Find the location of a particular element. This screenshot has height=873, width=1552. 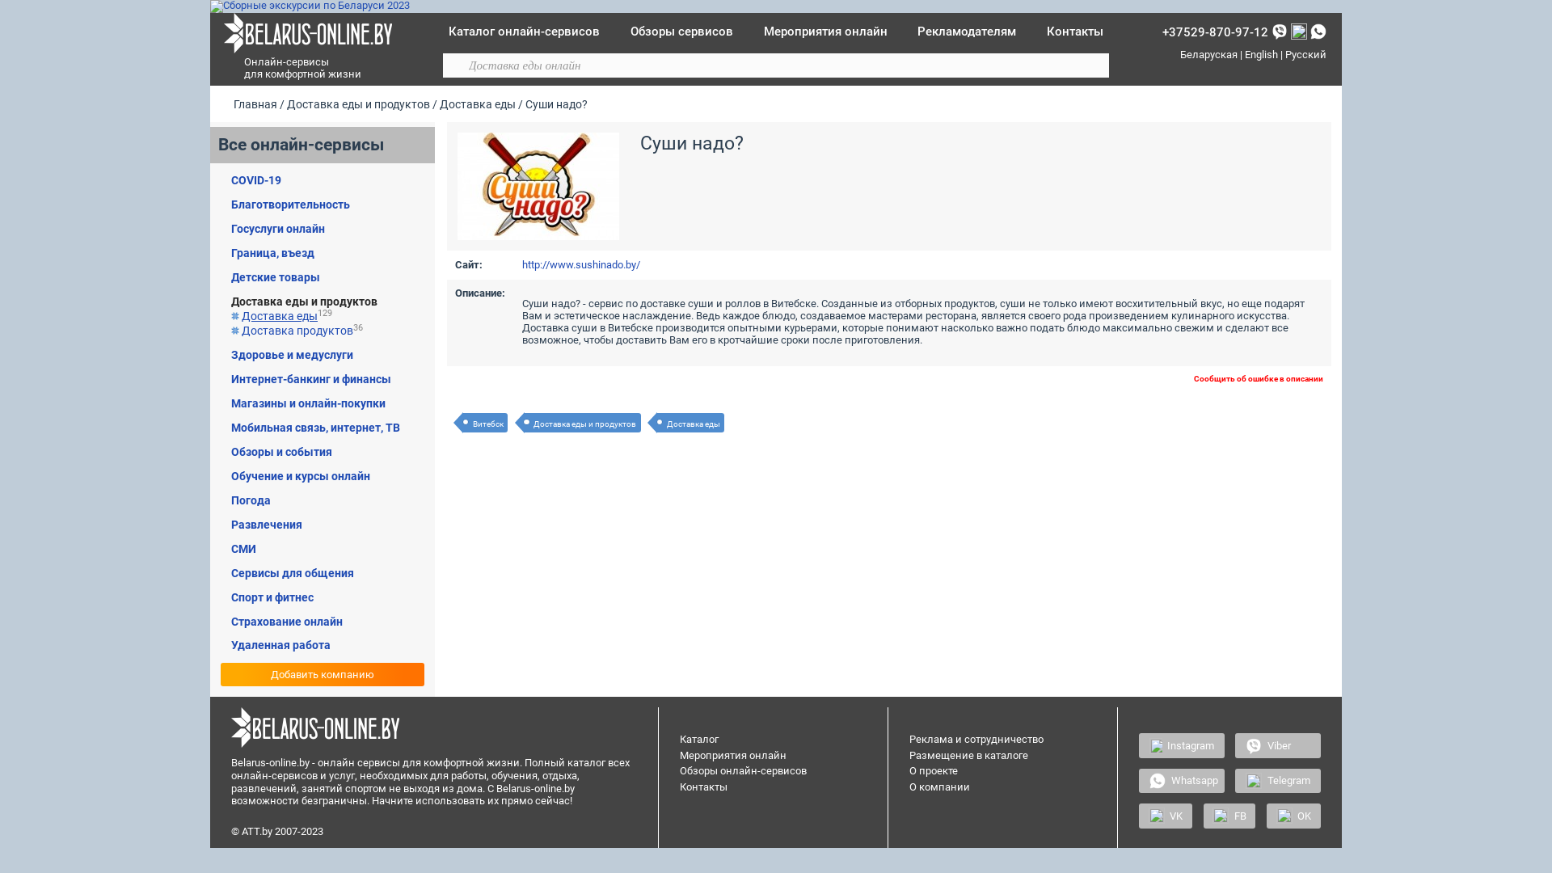

'Telegram' is located at coordinates (1234, 779).